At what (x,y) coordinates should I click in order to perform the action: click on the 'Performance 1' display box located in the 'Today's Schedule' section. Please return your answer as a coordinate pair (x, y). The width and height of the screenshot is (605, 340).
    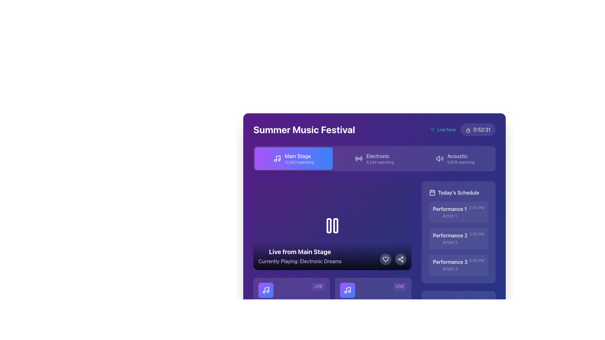
    Looking at the image, I should click on (449, 212).